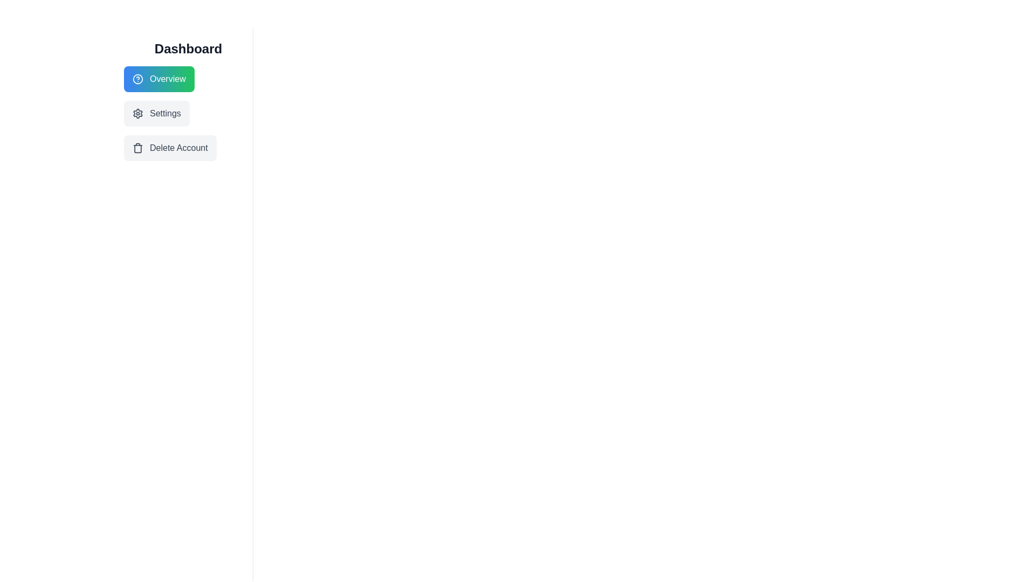 This screenshot has height=582, width=1035. I want to click on the SVG Circle element that visually represents a part of the icon near the 'Overview' button located in the top-left section of the interface, so click(137, 78).